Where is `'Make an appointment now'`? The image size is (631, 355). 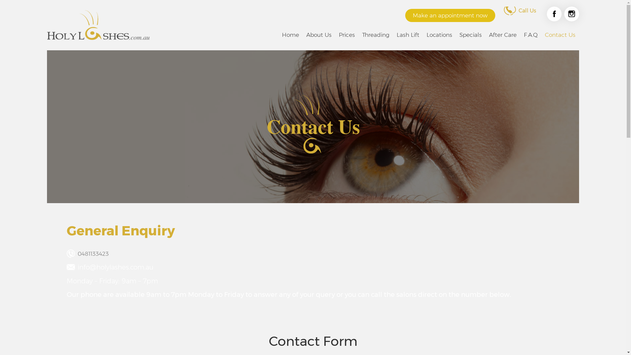
'Make an appointment now' is located at coordinates (450, 15).